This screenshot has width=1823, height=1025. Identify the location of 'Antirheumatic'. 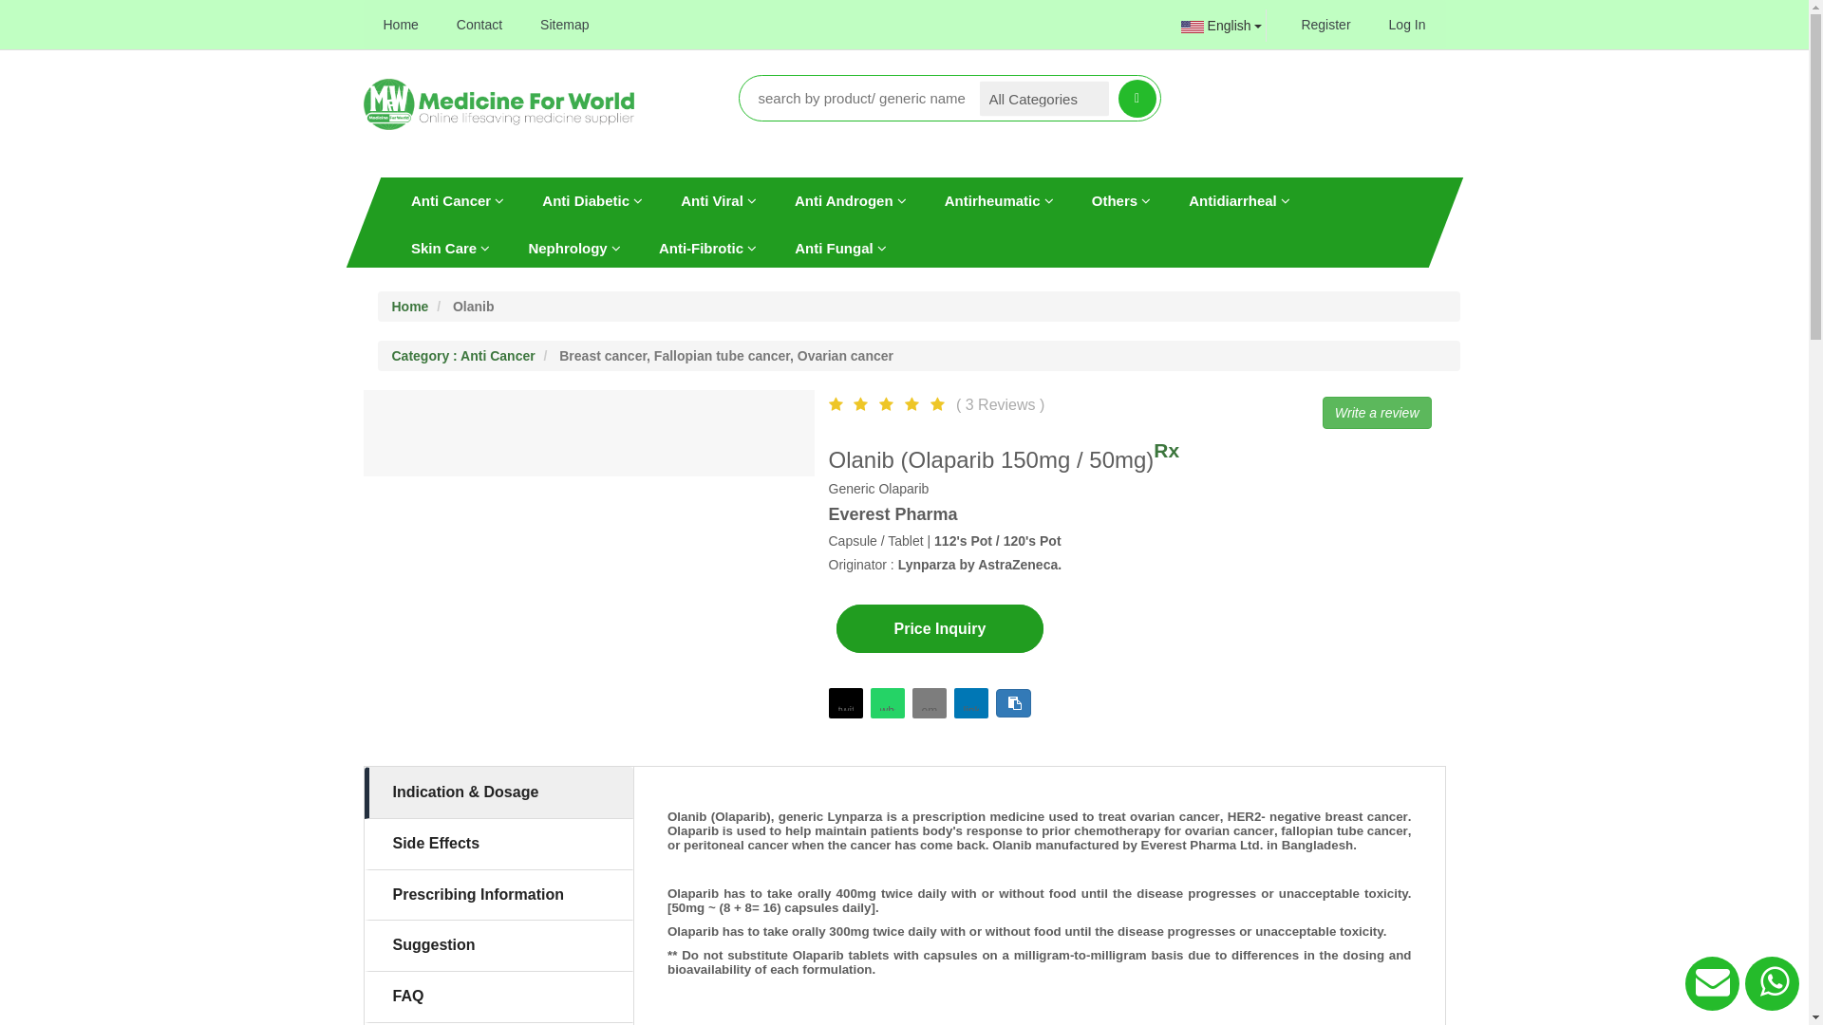
(997, 200).